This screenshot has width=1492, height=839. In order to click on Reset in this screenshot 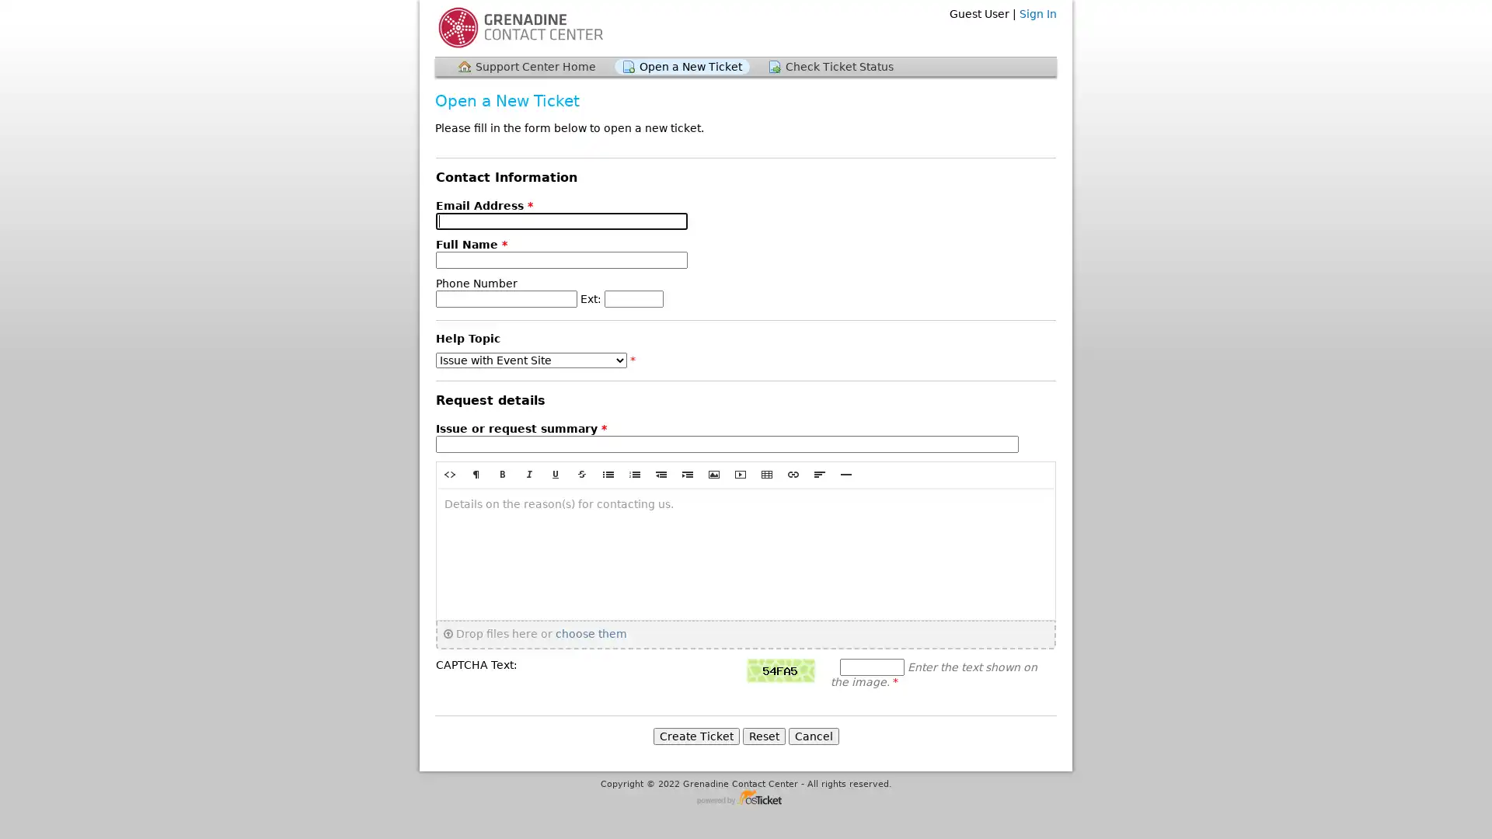, I will do `click(763, 735)`.